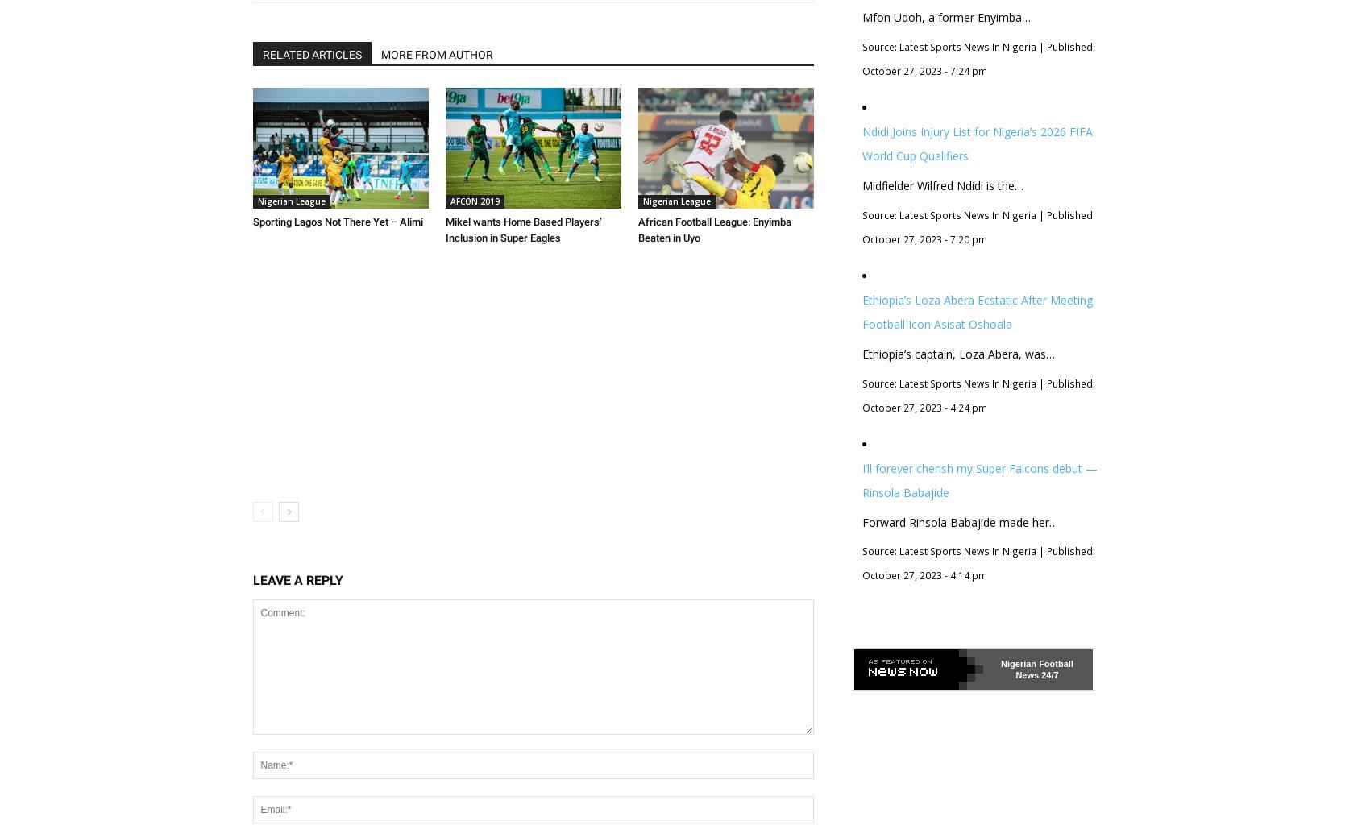  I want to click on 'MORE FROM AUTHOR', so click(436, 53).